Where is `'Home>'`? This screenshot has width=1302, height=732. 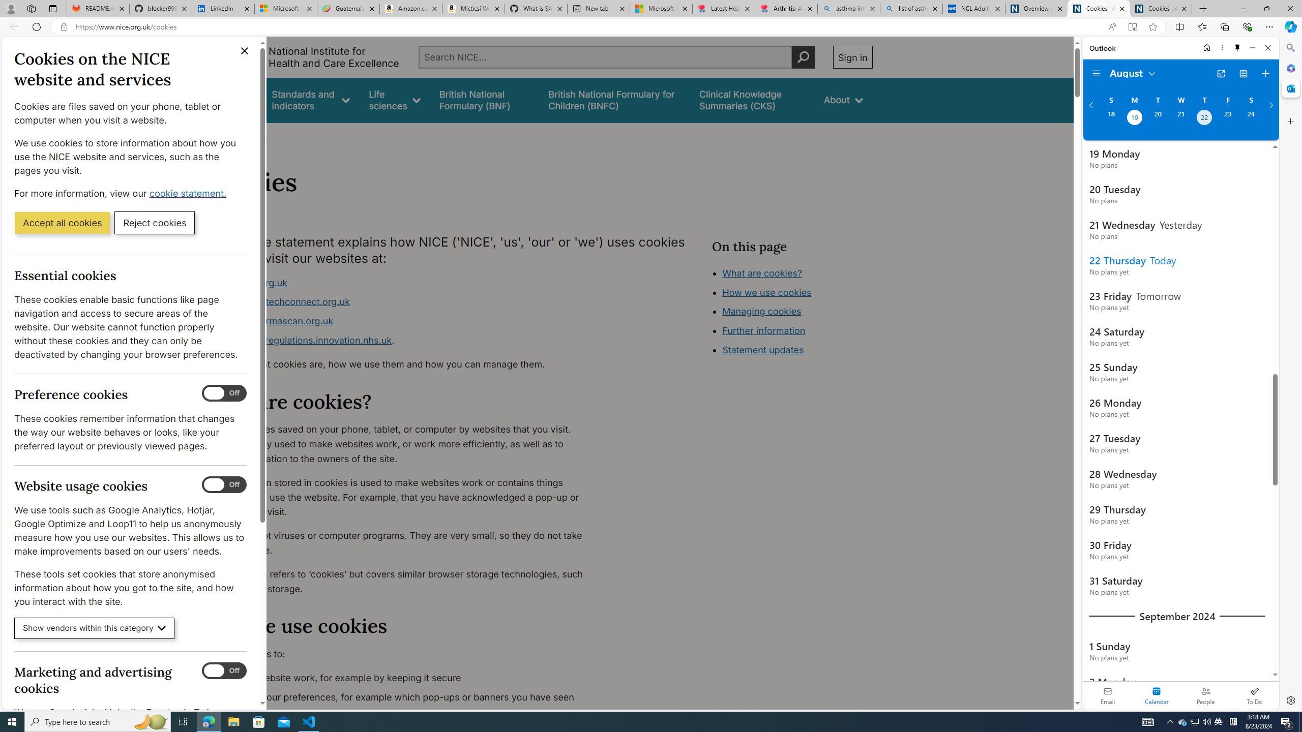 'Home>' is located at coordinates (220, 136).